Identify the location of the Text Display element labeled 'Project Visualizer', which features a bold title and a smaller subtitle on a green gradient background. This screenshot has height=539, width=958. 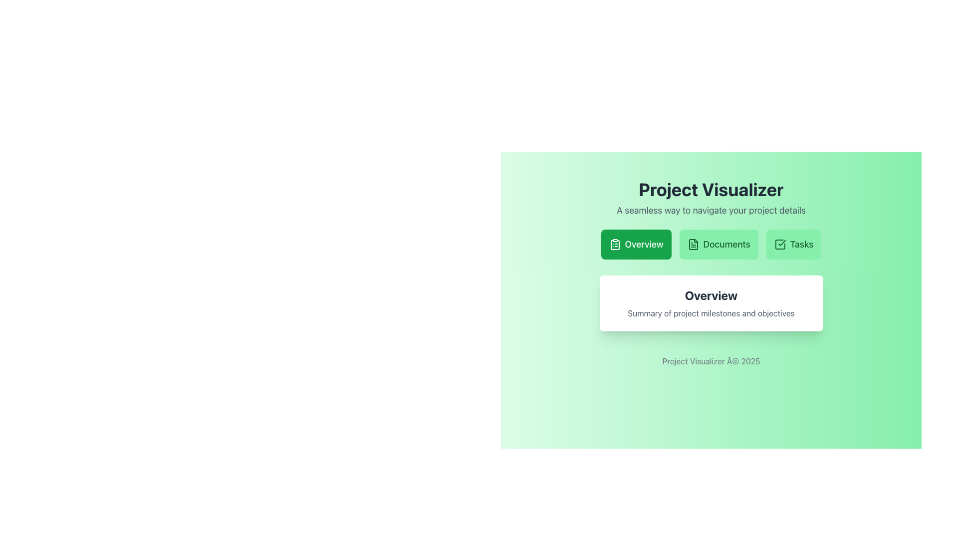
(711, 198).